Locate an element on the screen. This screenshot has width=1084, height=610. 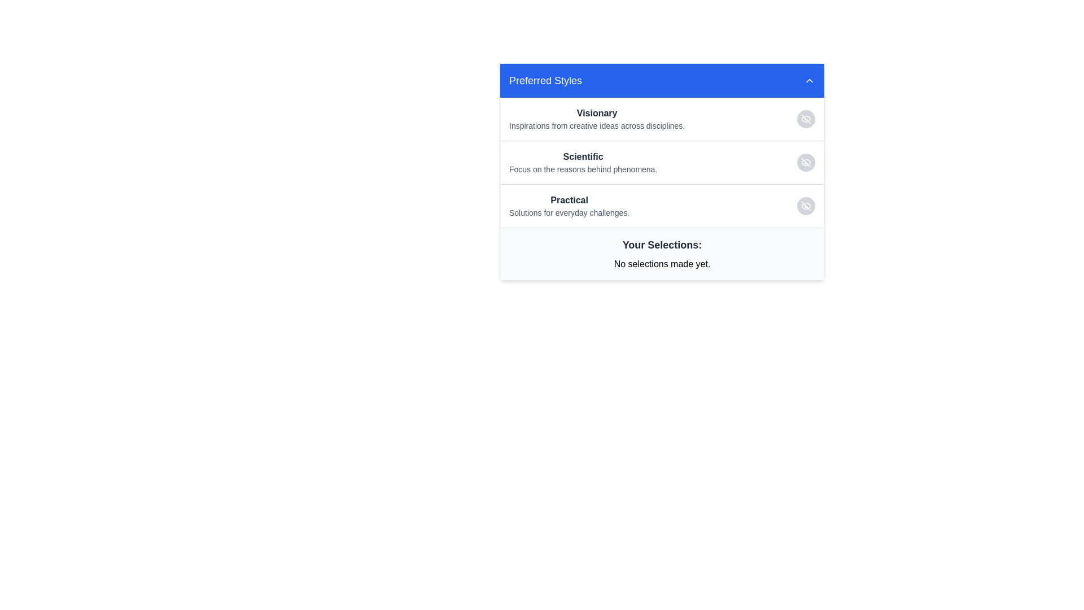
the label that contains the word 'Scientific' in bold followed by the phrase 'Focus on the reasons behind phenomena.' which is the second item in a vertical list is located at coordinates (583, 163).